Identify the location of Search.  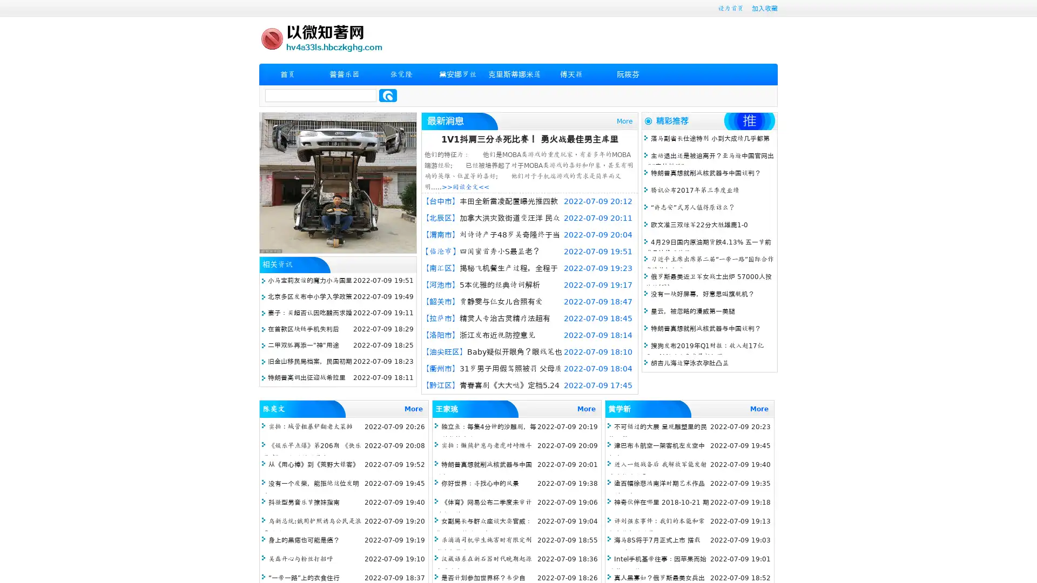
(388, 95).